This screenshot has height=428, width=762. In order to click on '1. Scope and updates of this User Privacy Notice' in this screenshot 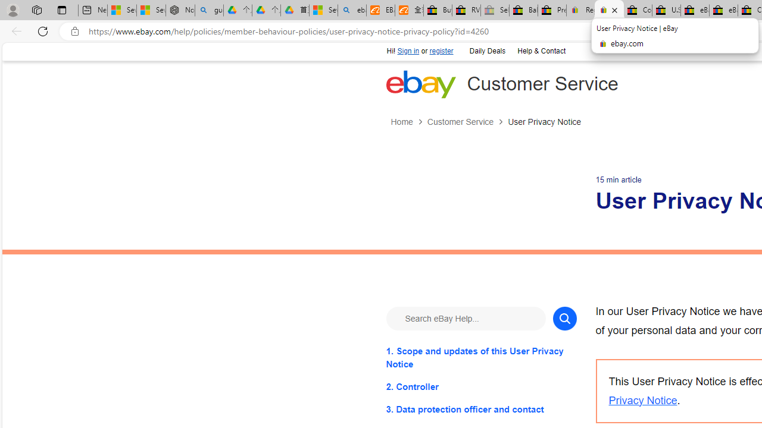, I will do `click(481, 357)`.